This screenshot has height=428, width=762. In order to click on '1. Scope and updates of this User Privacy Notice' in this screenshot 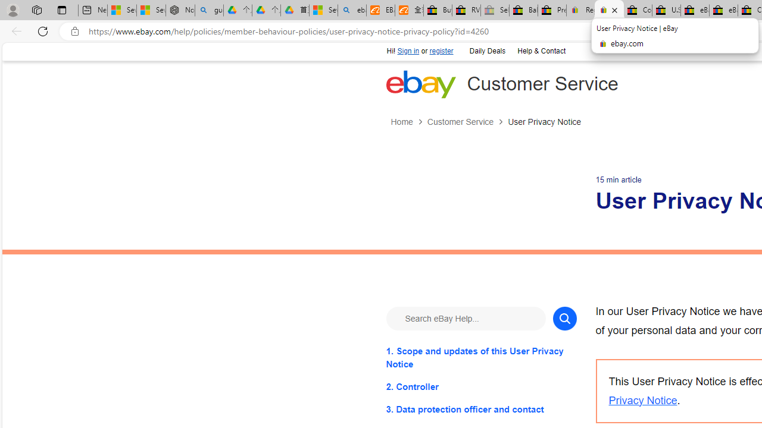, I will do `click(481, 357)`.